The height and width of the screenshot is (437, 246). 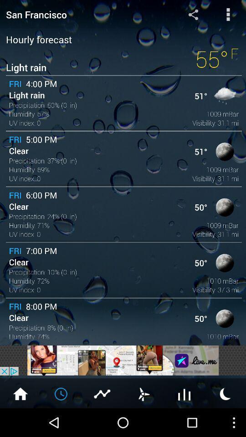 What do you see at coordinates (228, 14) in the screenshot?
I see `icon above hourly forecast icon` at bounding box center [228, 14].